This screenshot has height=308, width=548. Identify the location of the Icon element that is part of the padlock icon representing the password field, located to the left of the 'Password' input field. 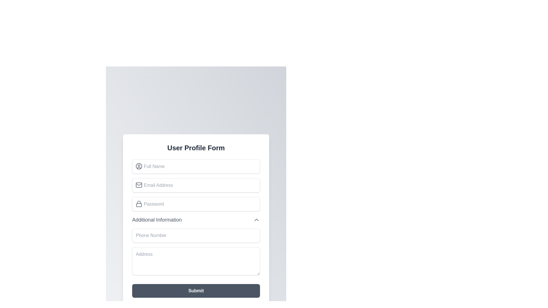
(139, 204).